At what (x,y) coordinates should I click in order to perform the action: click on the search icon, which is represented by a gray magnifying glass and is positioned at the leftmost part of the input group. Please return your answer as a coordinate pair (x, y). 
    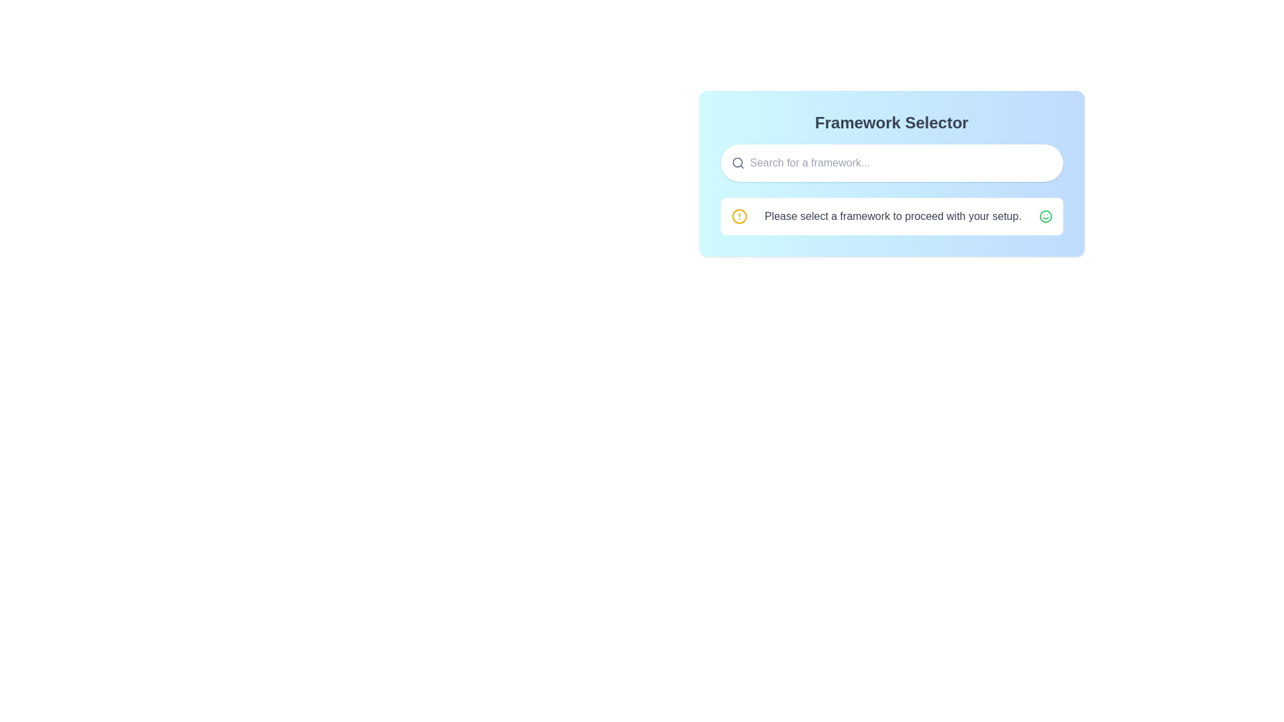
    Looking at the image, I should click on (737, 162).